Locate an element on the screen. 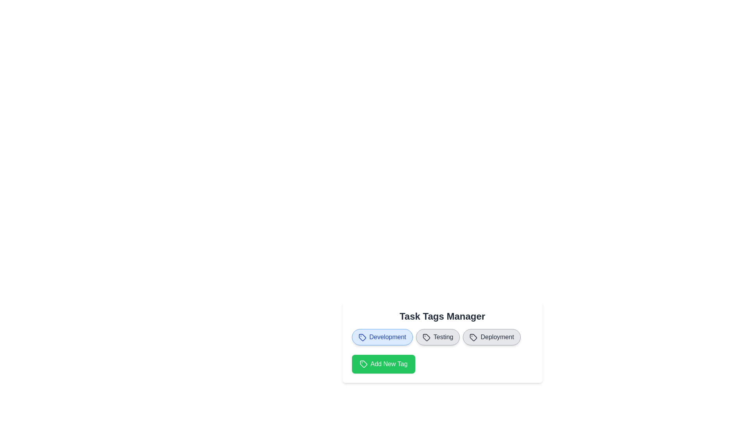 This screenshot has height=422, width=750. the second graphical icon representing the 'Testing' tag in the 'Task Tags Manager' section to interact with it is located at coordinates (426, 337).